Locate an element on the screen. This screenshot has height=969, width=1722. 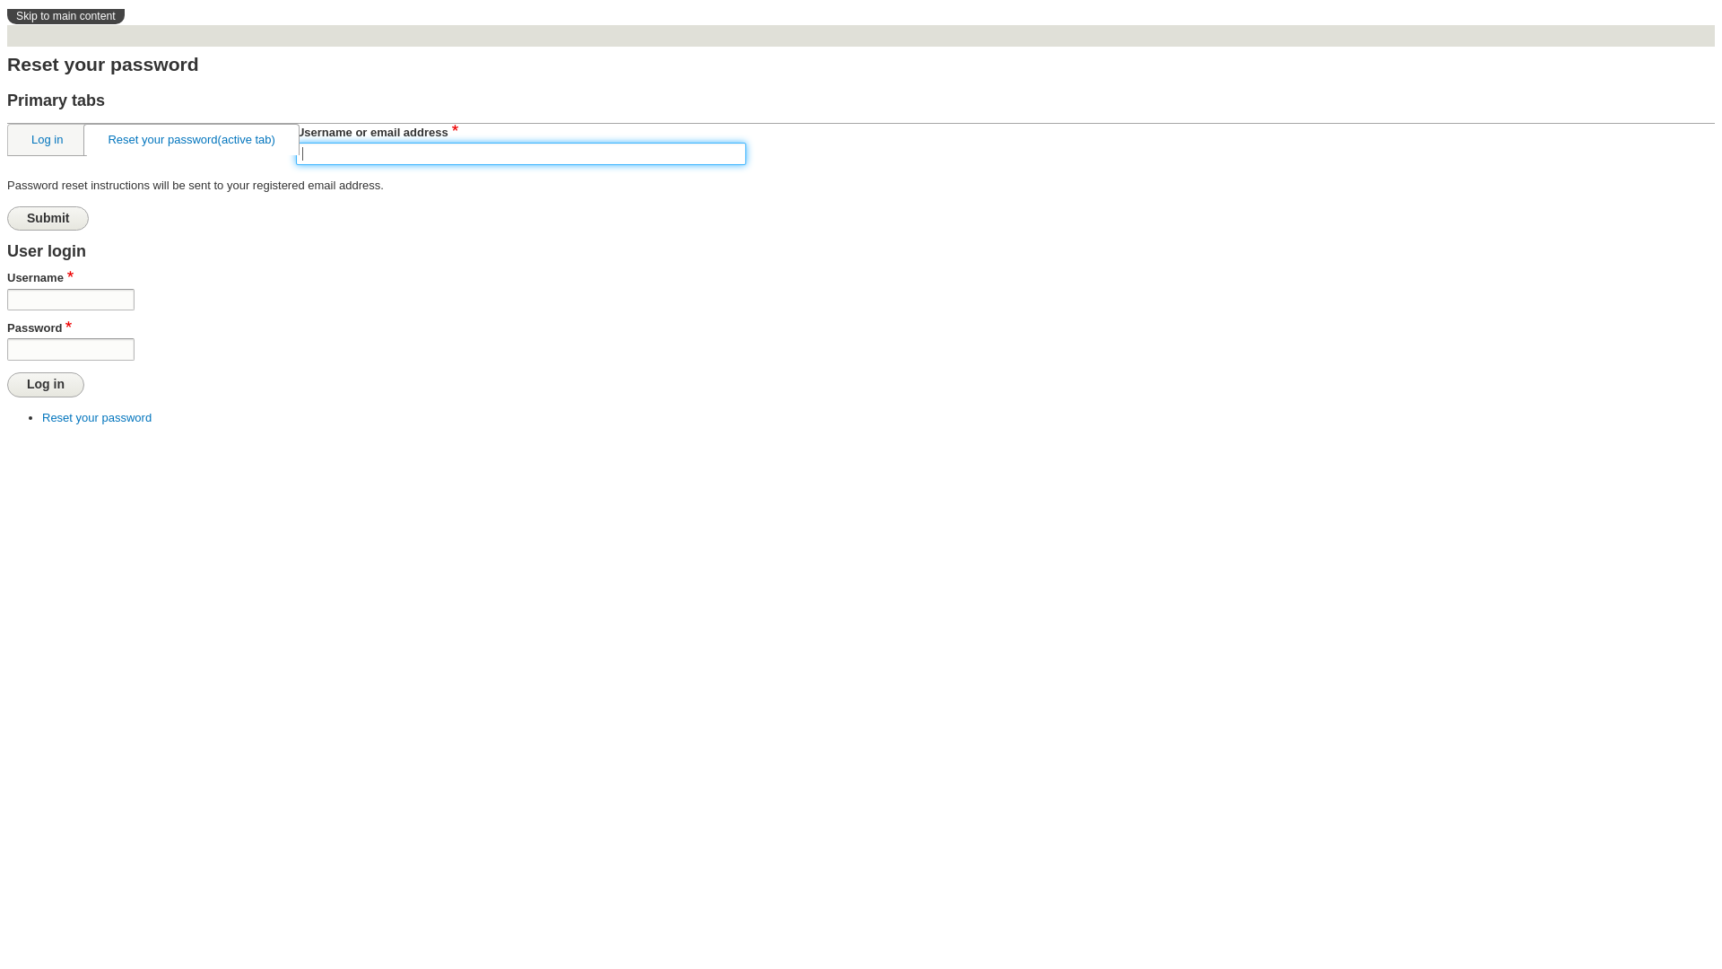
'Submit' is located at coordinates (7, 217).